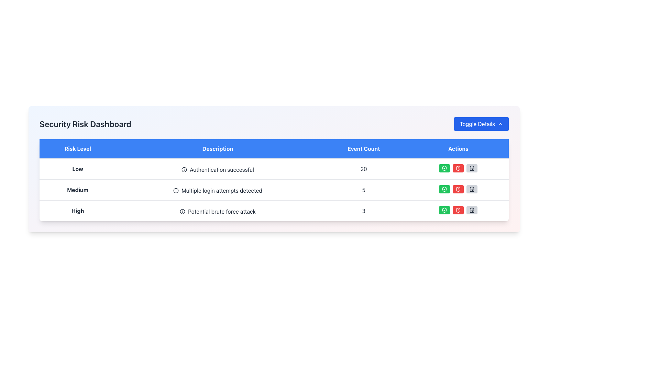  What do you see at coordinates (458, 189) in the screenshot?
I see `the red shield icon in the 'Actions' column of the last row in the table, which signals an alert or warning` at bounding box center [458, 189].